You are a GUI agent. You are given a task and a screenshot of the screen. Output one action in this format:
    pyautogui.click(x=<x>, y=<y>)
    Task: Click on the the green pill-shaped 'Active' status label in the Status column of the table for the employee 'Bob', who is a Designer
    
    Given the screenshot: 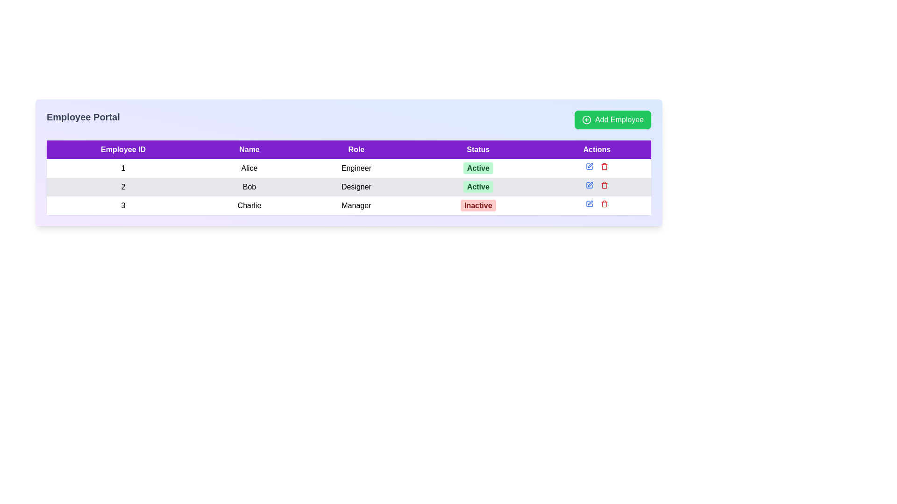 What is the action you would take?
    pyautogui.click(x=478, y=187)
    